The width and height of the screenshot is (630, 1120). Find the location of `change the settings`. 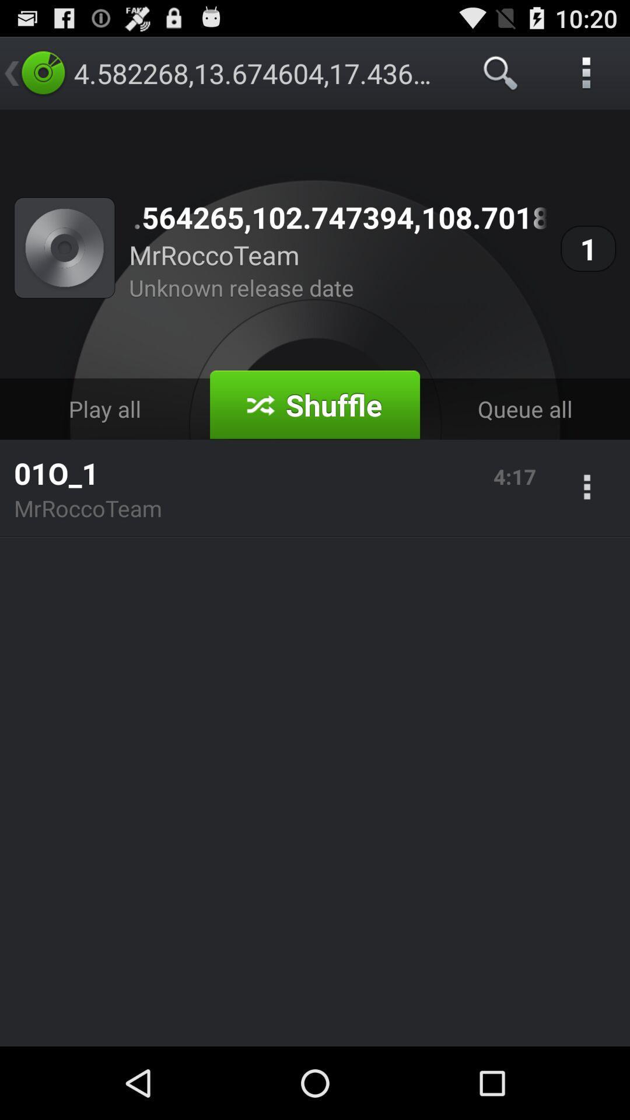

change the settings is located at coordinates (587, 488).